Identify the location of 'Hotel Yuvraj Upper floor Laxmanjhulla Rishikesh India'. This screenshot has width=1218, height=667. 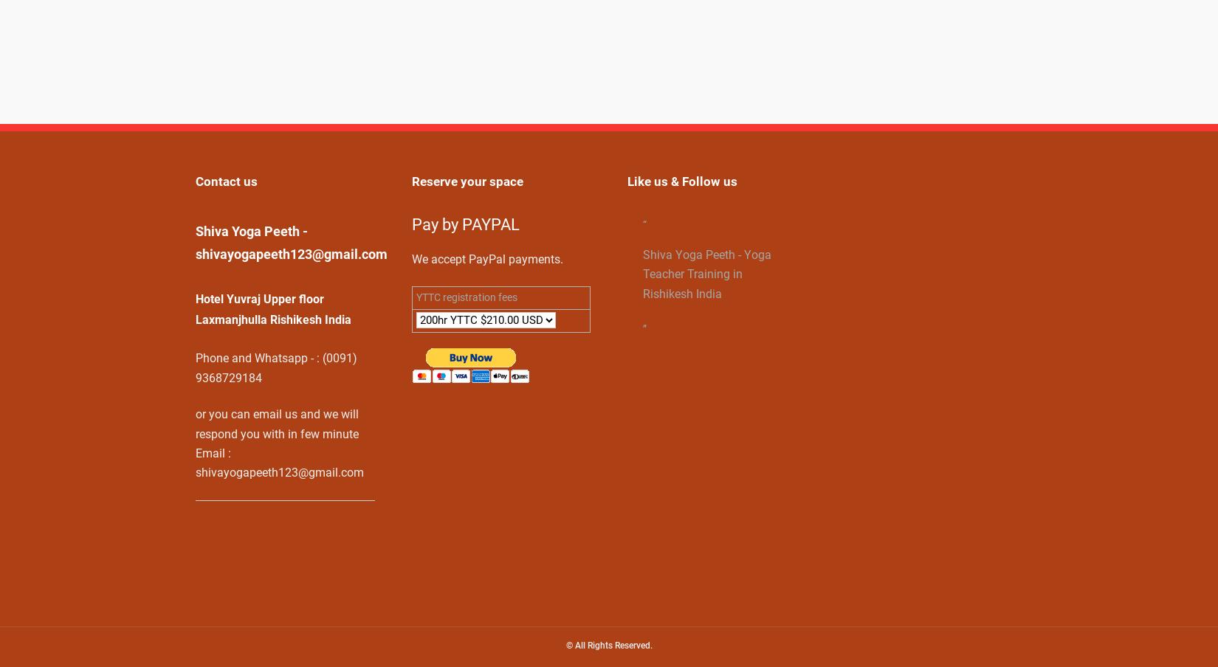
(273, 309).